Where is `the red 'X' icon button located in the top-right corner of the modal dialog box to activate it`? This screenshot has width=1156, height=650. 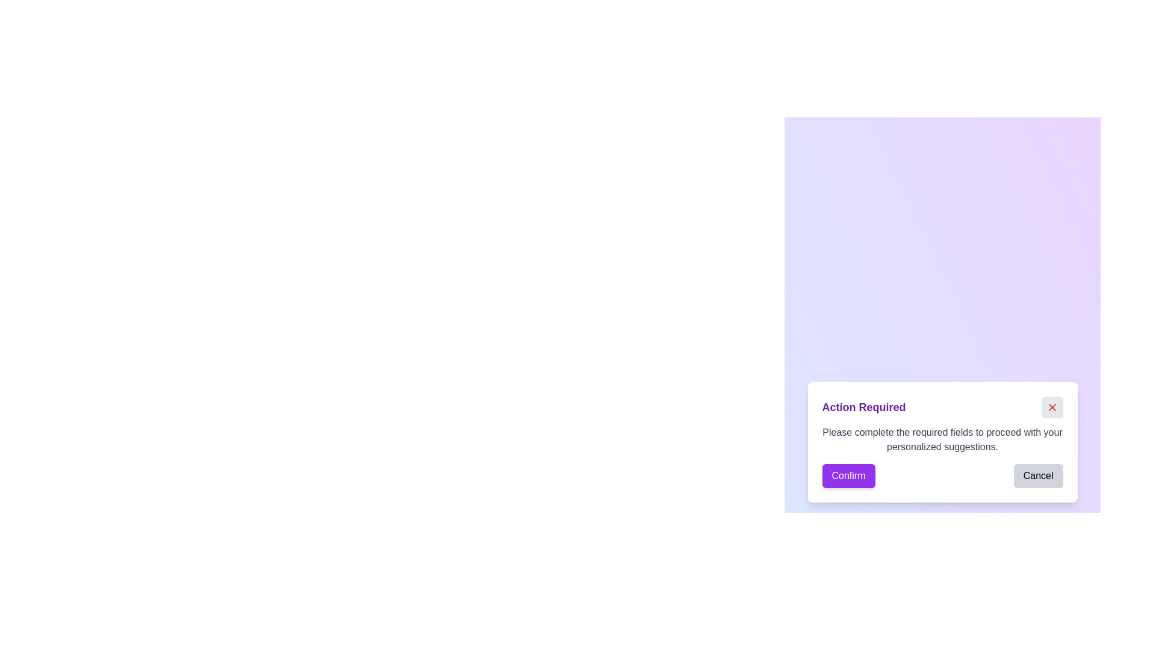 the red 'X' icon button located in the top-right corner of the modal dialog box to activate it is located at coordinates (1051, 407).